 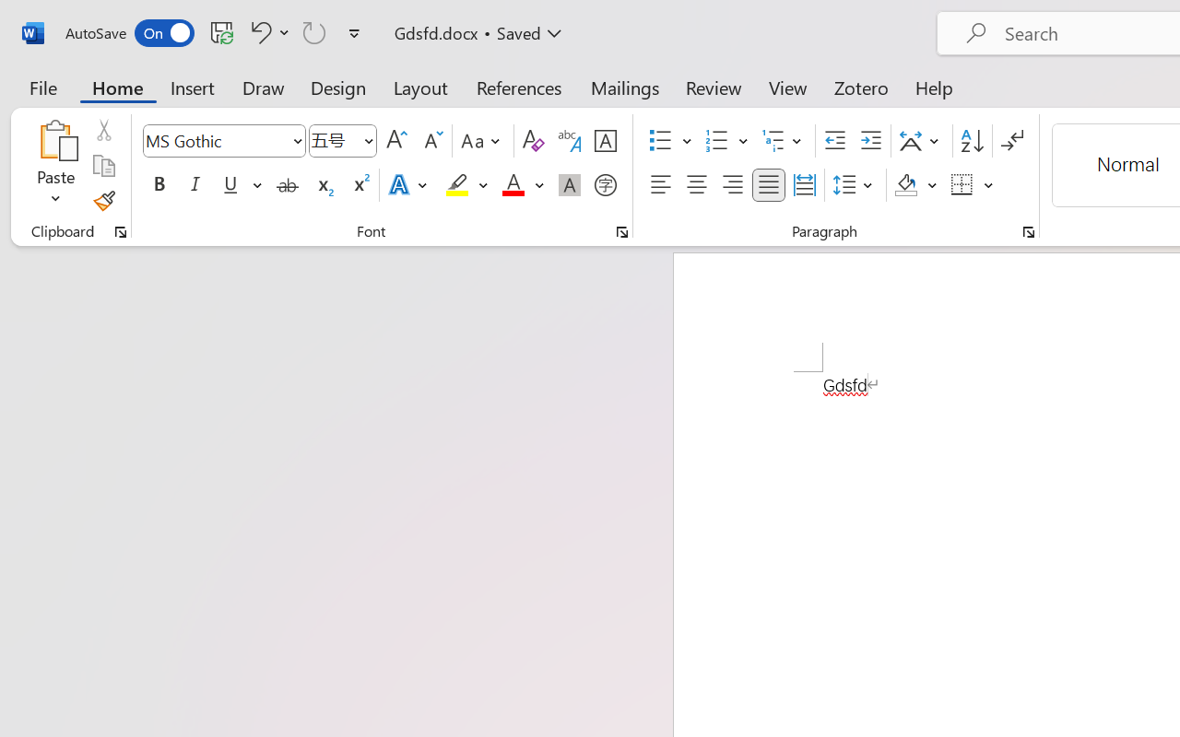 I want to click on 'Line and Paragraph Spacing', so click(x=855, y=185).